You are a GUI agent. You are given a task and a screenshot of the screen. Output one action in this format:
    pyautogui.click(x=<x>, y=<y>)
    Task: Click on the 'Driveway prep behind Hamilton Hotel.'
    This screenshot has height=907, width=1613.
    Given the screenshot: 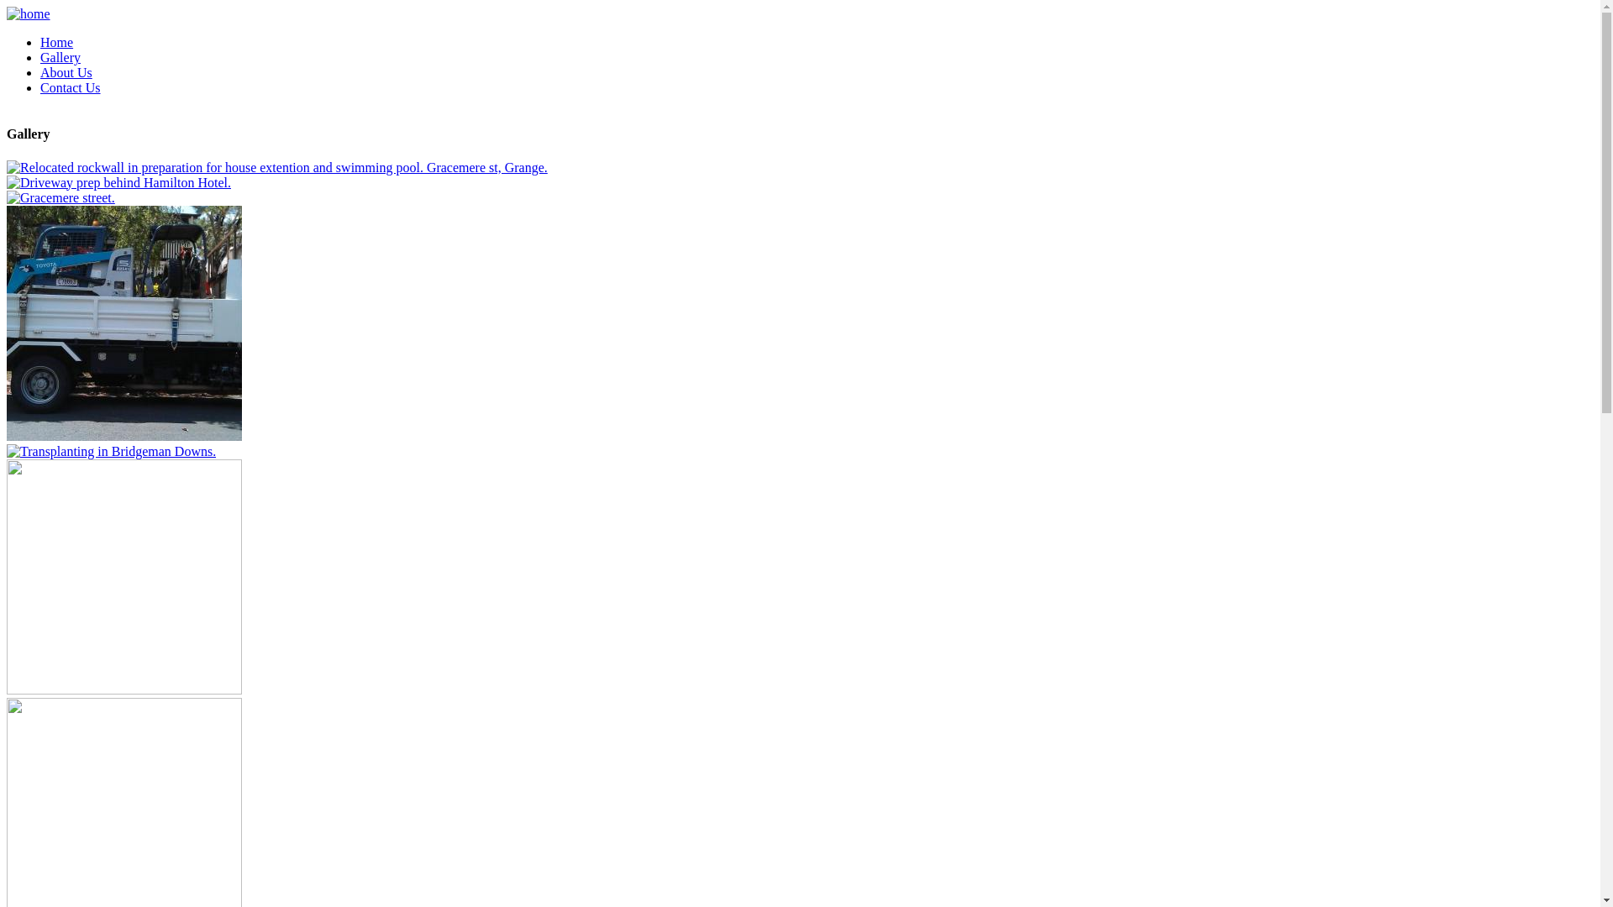 What is the action you would take?
    pyautogui.click(x=118, y=182)
    